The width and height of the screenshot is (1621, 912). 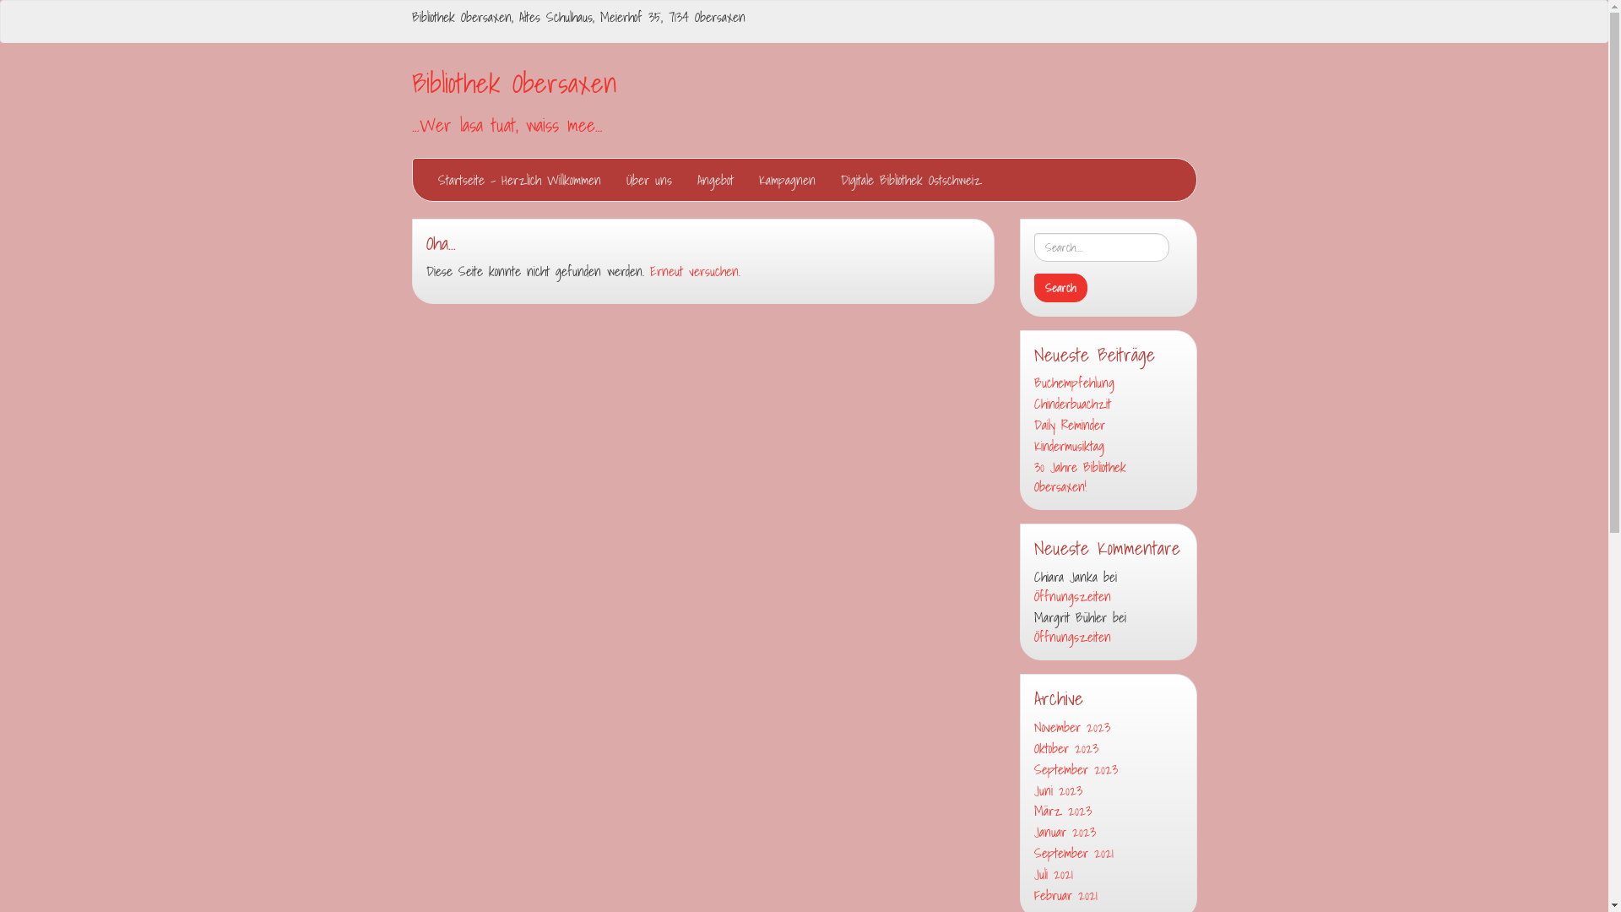 I want to click on 'Bibliothek Obersaxen', so click(x=513, y=82).